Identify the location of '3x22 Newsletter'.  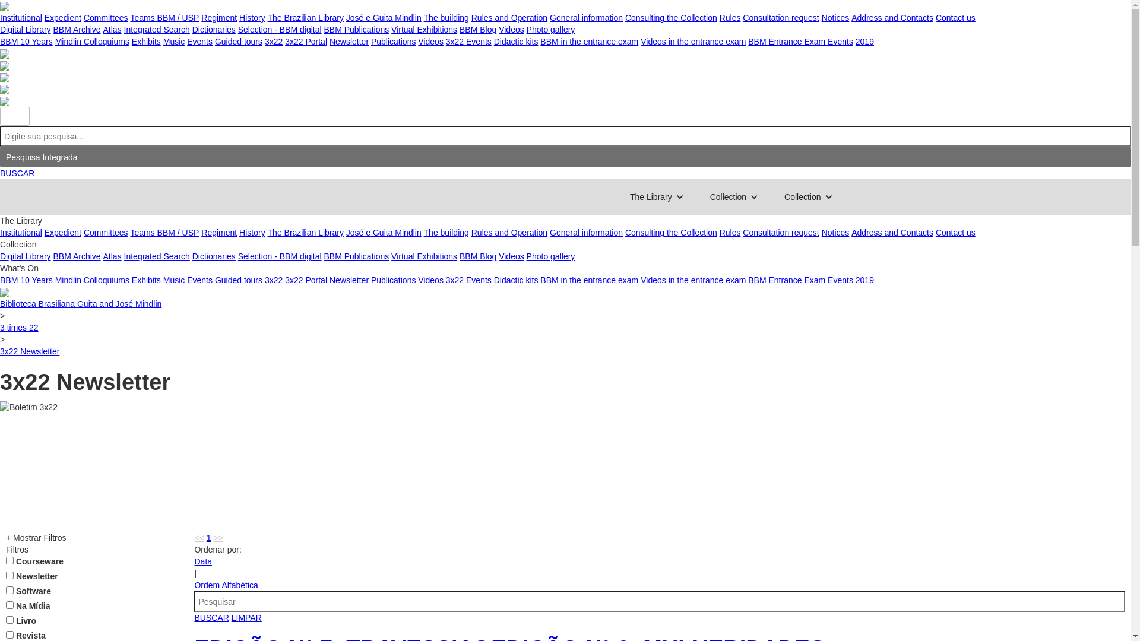
(0, 350).